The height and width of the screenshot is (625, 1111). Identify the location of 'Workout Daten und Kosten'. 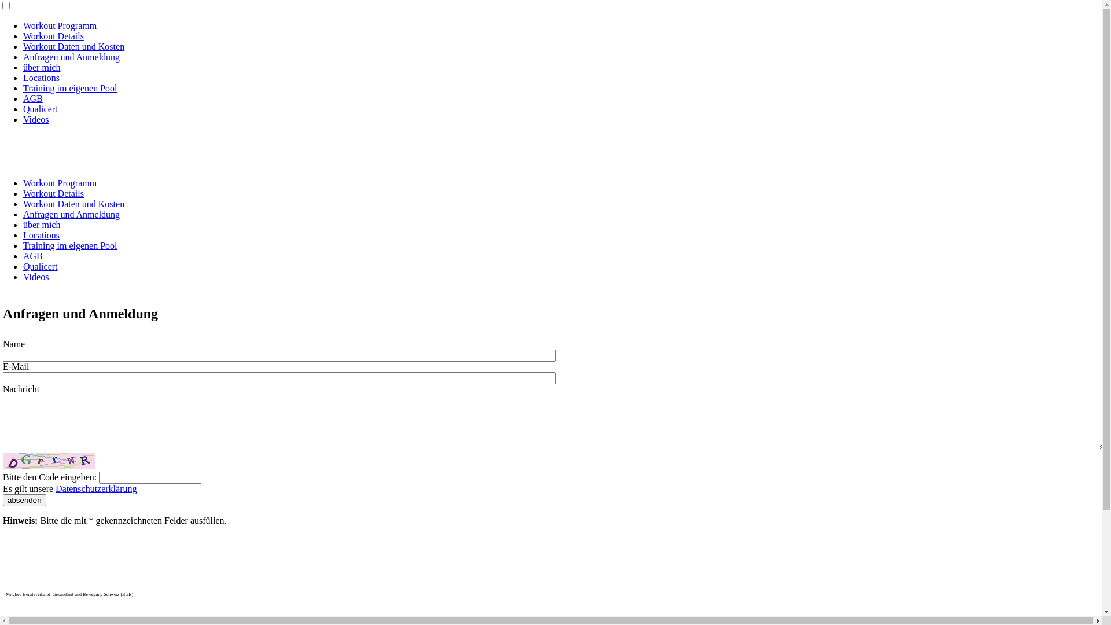
(73, 203).